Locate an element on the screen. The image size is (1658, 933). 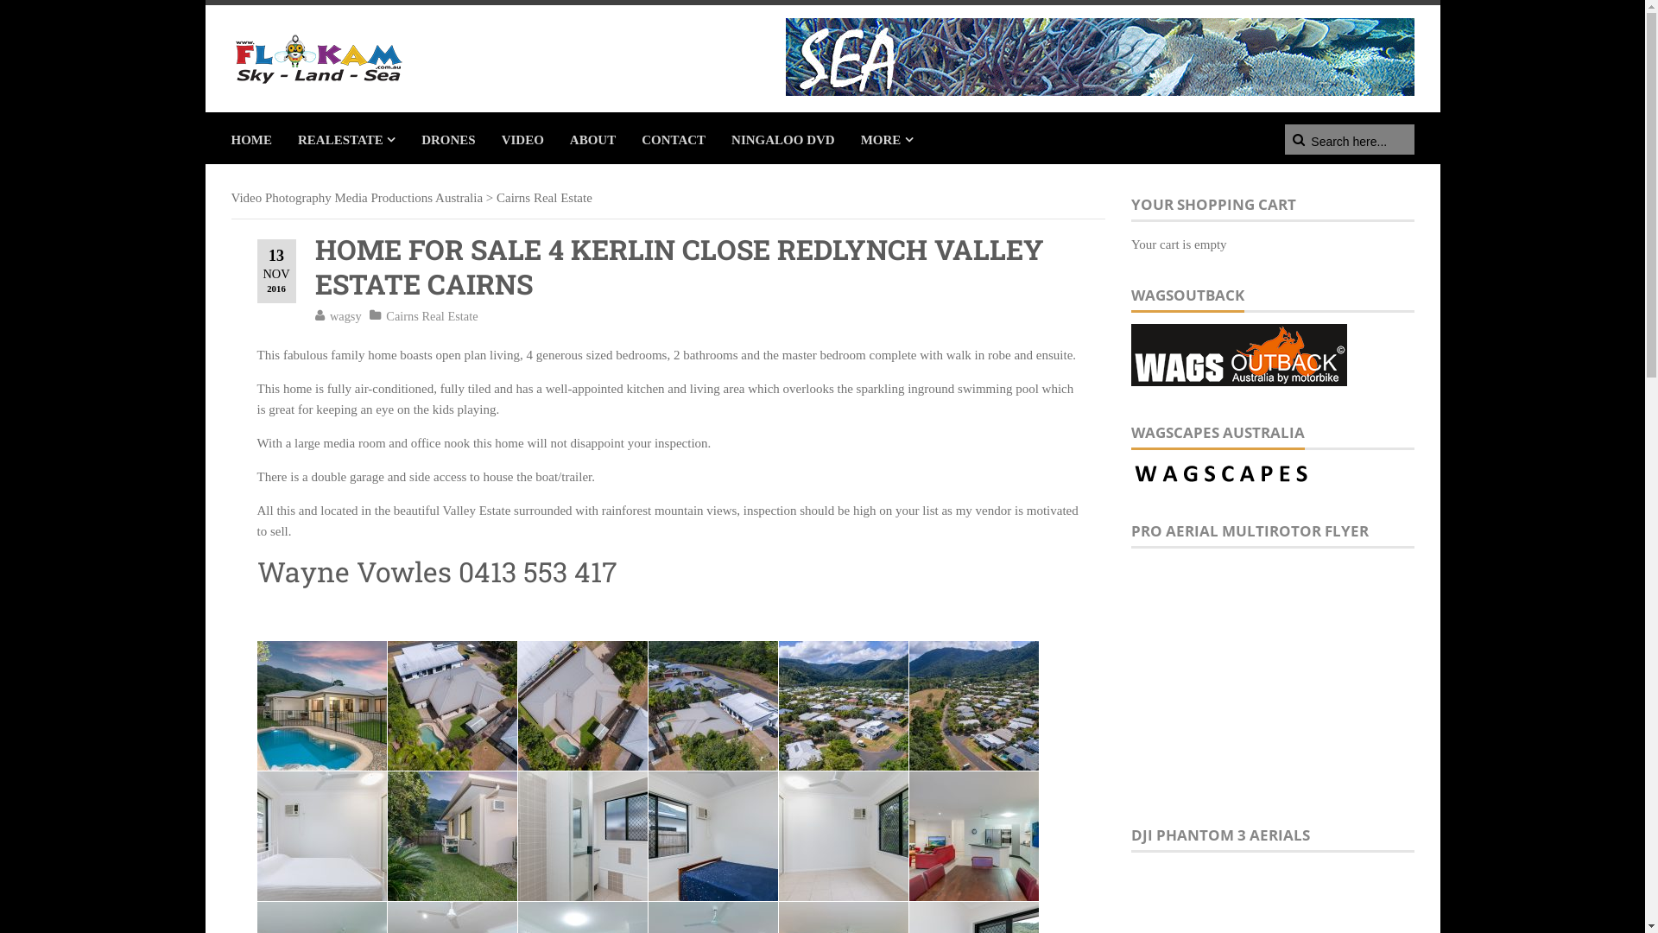
'REALESTATE' is located at coordinates (285, 136).